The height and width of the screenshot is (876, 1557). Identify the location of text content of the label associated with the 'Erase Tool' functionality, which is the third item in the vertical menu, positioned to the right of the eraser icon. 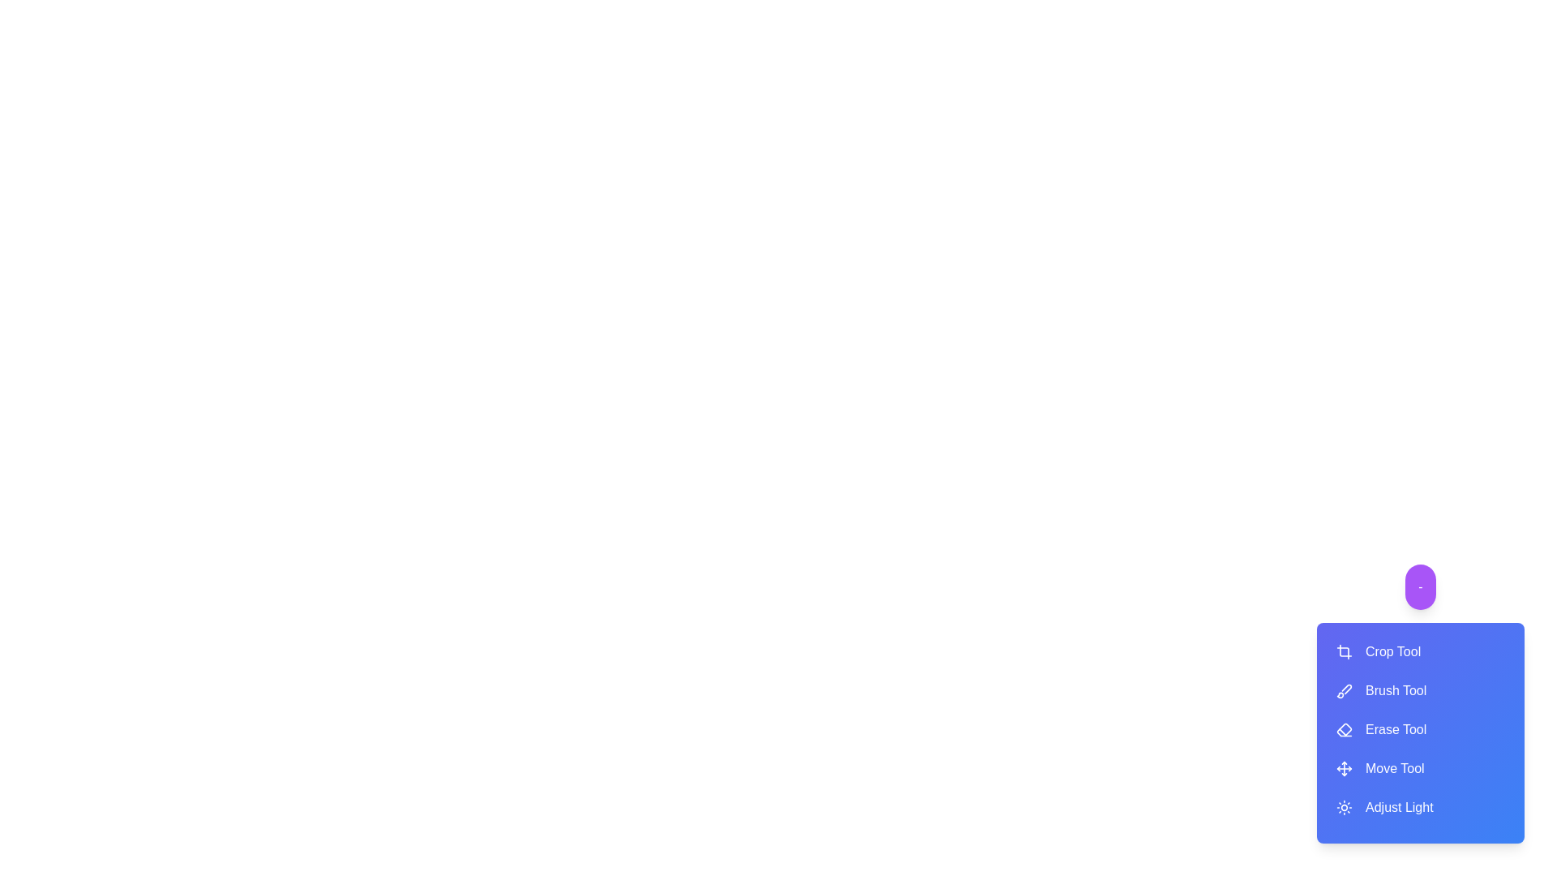
(1395, 728).